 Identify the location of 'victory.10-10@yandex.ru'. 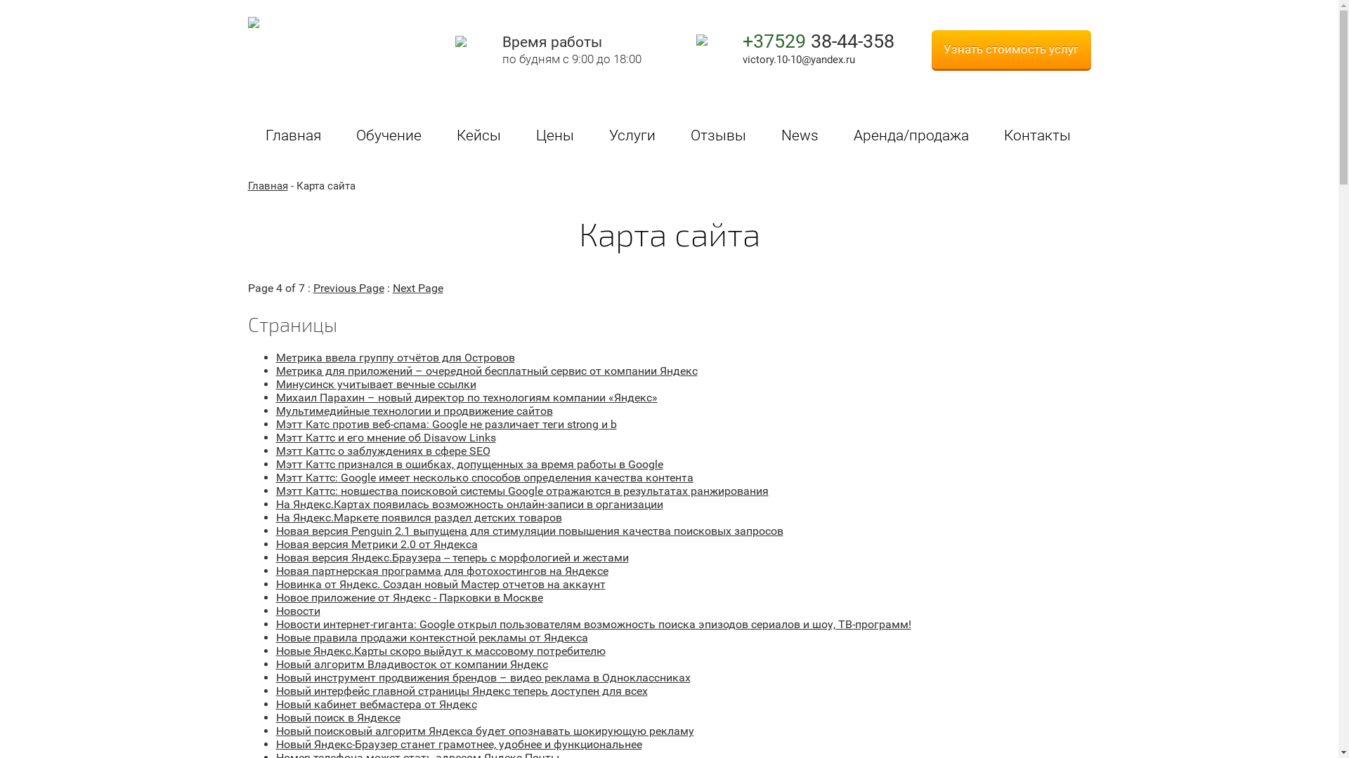
(798, 58).